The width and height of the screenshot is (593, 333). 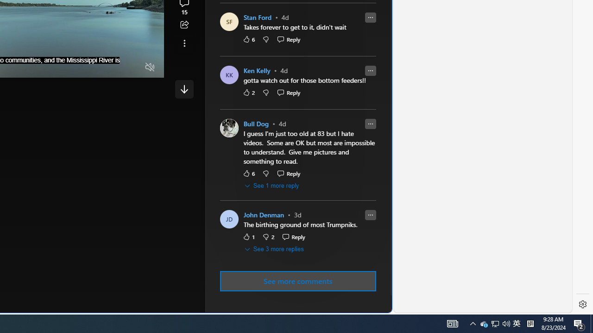 What do you see at coordinates (132, 67) in the screenshot?
I see `'Fullscreen'` at bounding box center [132, 67].